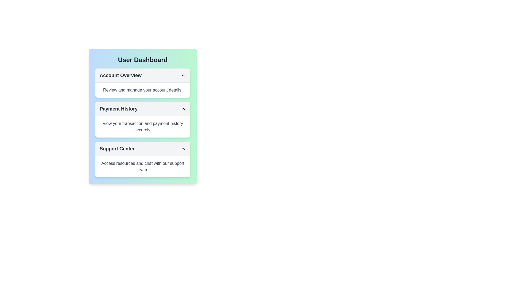  Describe the element at coordinates (143, 166) in the screenshot. I see `the text block containing the phrase 'Access resources and chat with our support team.' which is located at the bottom of the 'Support Center' section` at that location.